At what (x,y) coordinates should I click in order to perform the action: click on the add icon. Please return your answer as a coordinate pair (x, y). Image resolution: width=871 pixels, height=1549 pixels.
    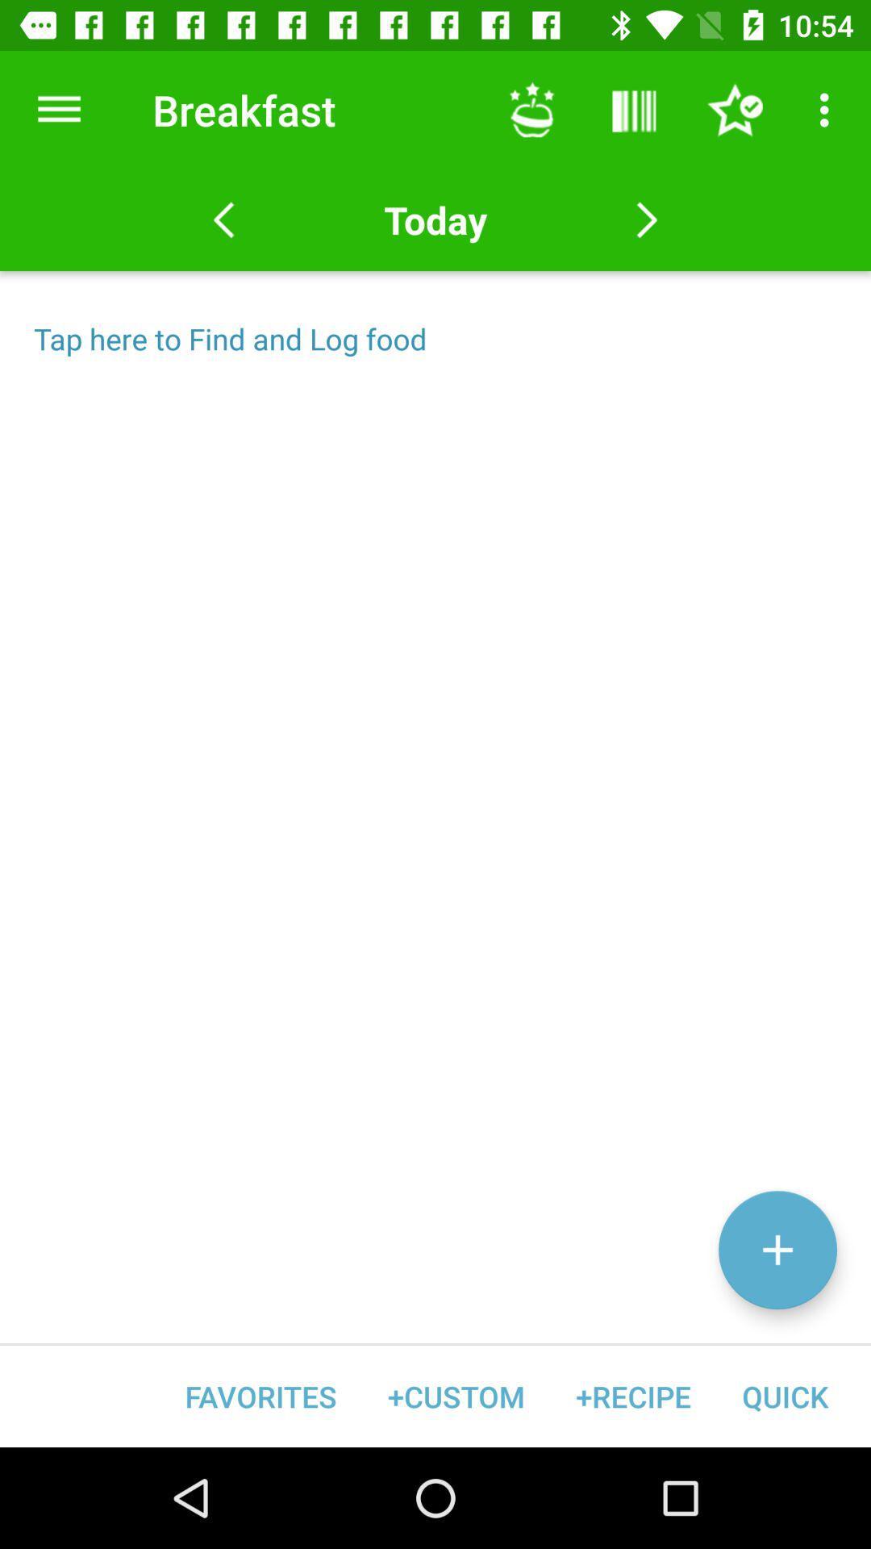
    Looking at the image, I should click on (777, 1249).